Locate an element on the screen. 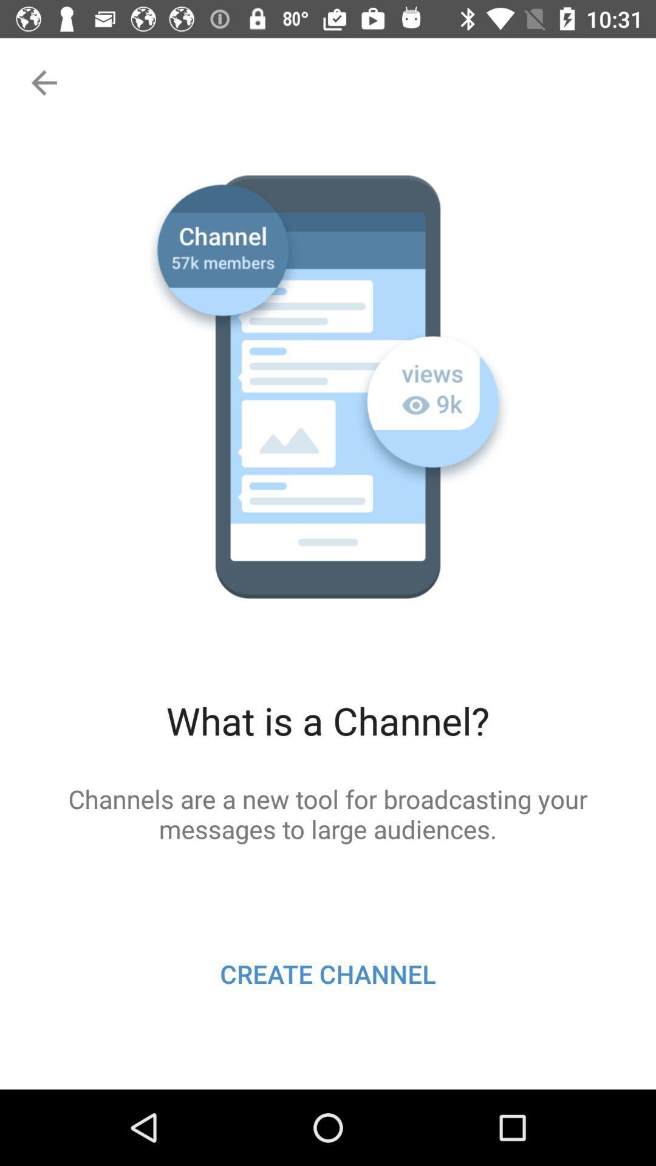 The height and width of the screenshot is (1166, 656). previous page is located at coordinates (42, 82).